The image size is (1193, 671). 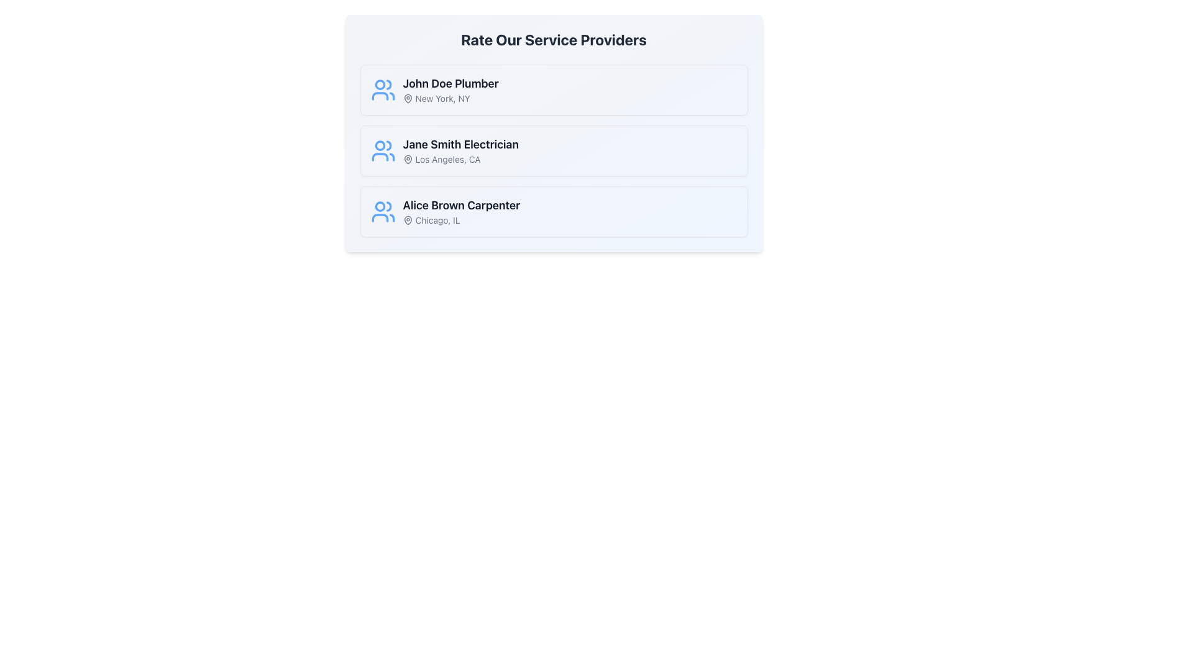 I want to click on the third list item representing 'Alice Brown Carpenter' in the vertical list of service providers under the heading 'Rate Our Service Providers', so click(x=460, y=211).